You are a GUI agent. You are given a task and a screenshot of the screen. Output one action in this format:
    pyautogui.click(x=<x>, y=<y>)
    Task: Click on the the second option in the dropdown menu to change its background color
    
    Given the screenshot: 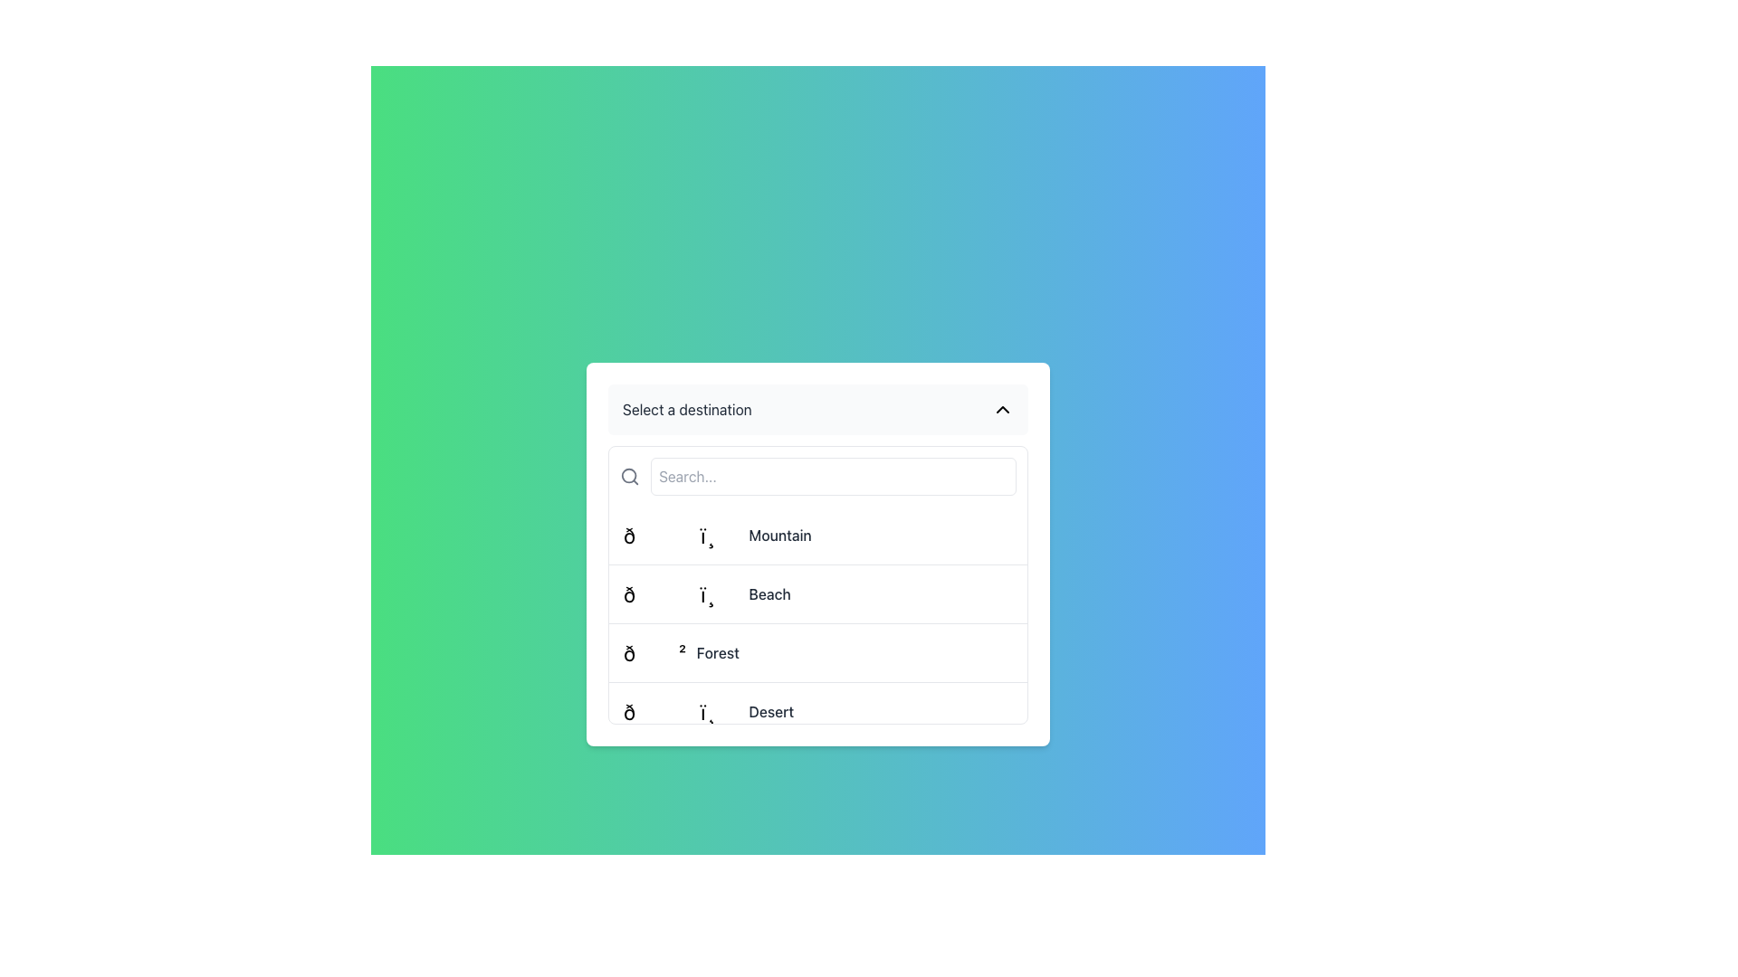 What is the action you would take?
    pyautogui.click(x=816, y=593)
    